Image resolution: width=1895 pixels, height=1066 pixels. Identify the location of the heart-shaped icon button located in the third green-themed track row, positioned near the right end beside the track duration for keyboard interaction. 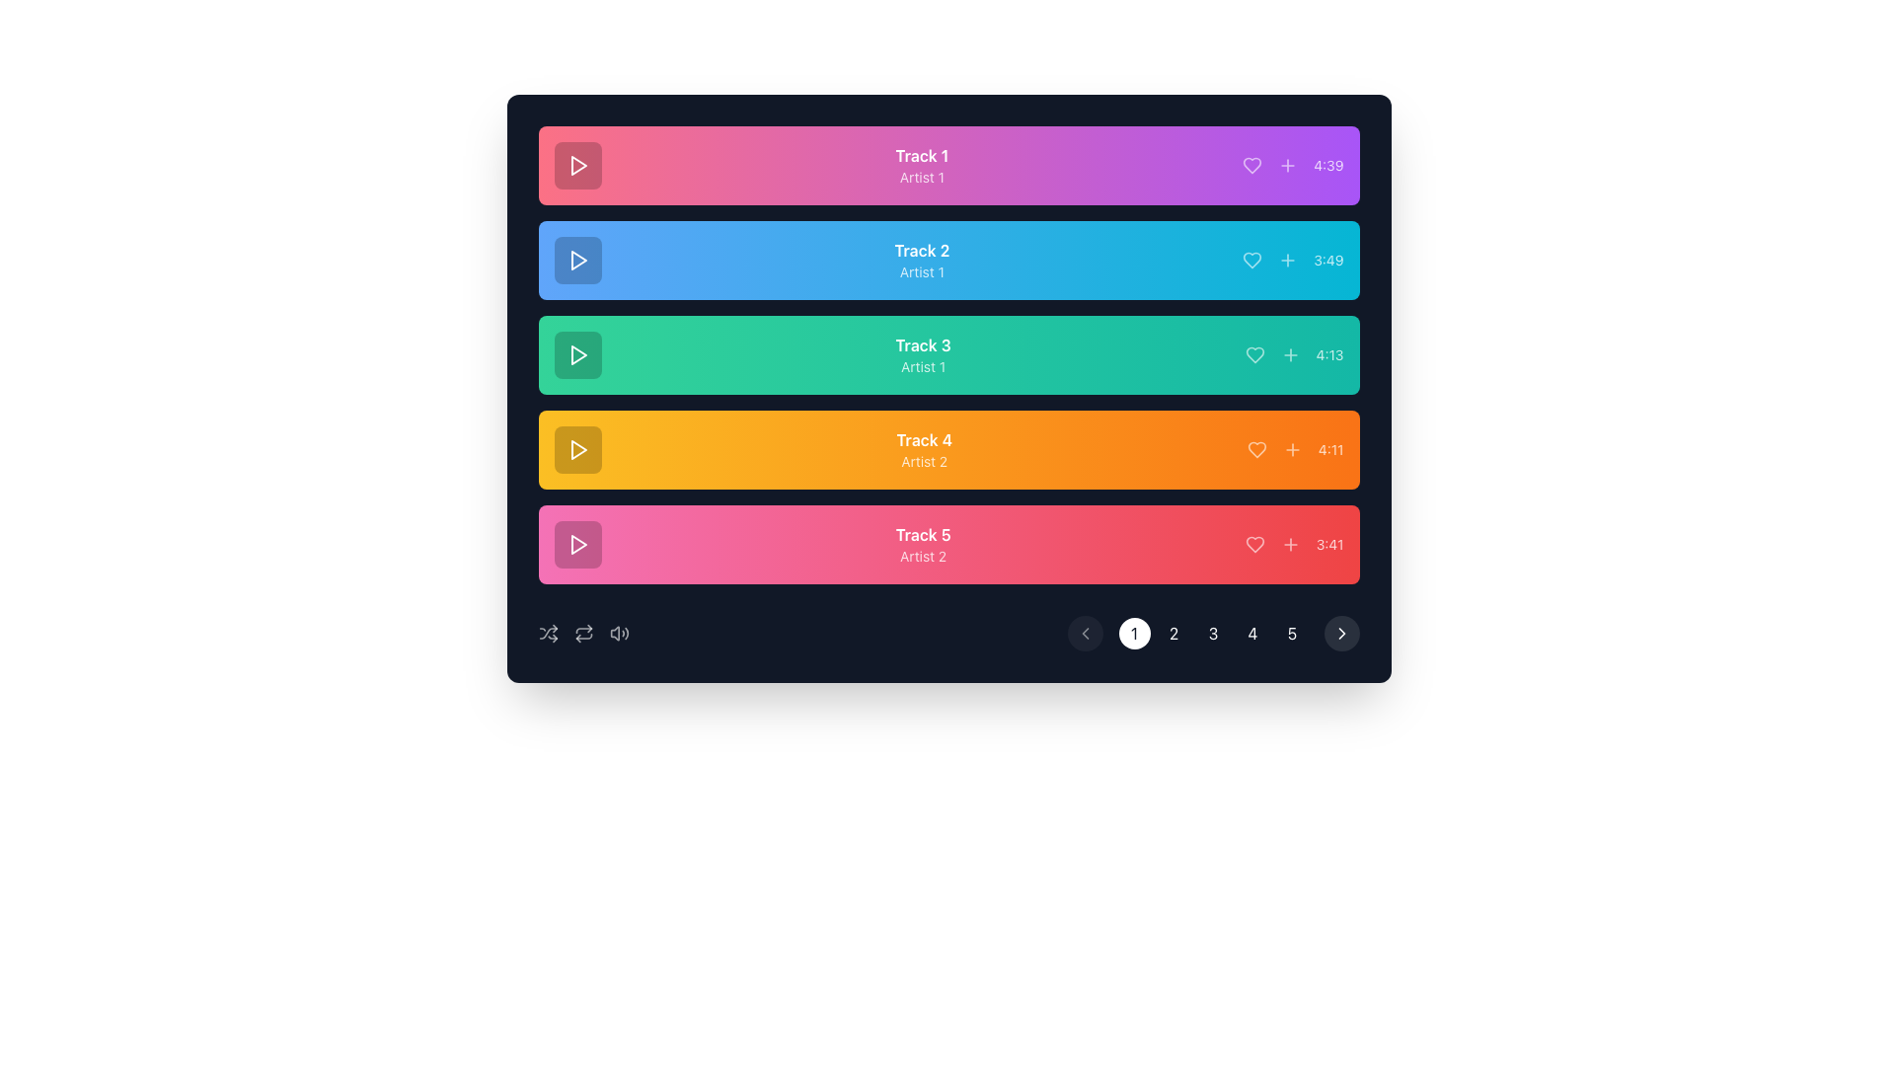
(1253, 353).